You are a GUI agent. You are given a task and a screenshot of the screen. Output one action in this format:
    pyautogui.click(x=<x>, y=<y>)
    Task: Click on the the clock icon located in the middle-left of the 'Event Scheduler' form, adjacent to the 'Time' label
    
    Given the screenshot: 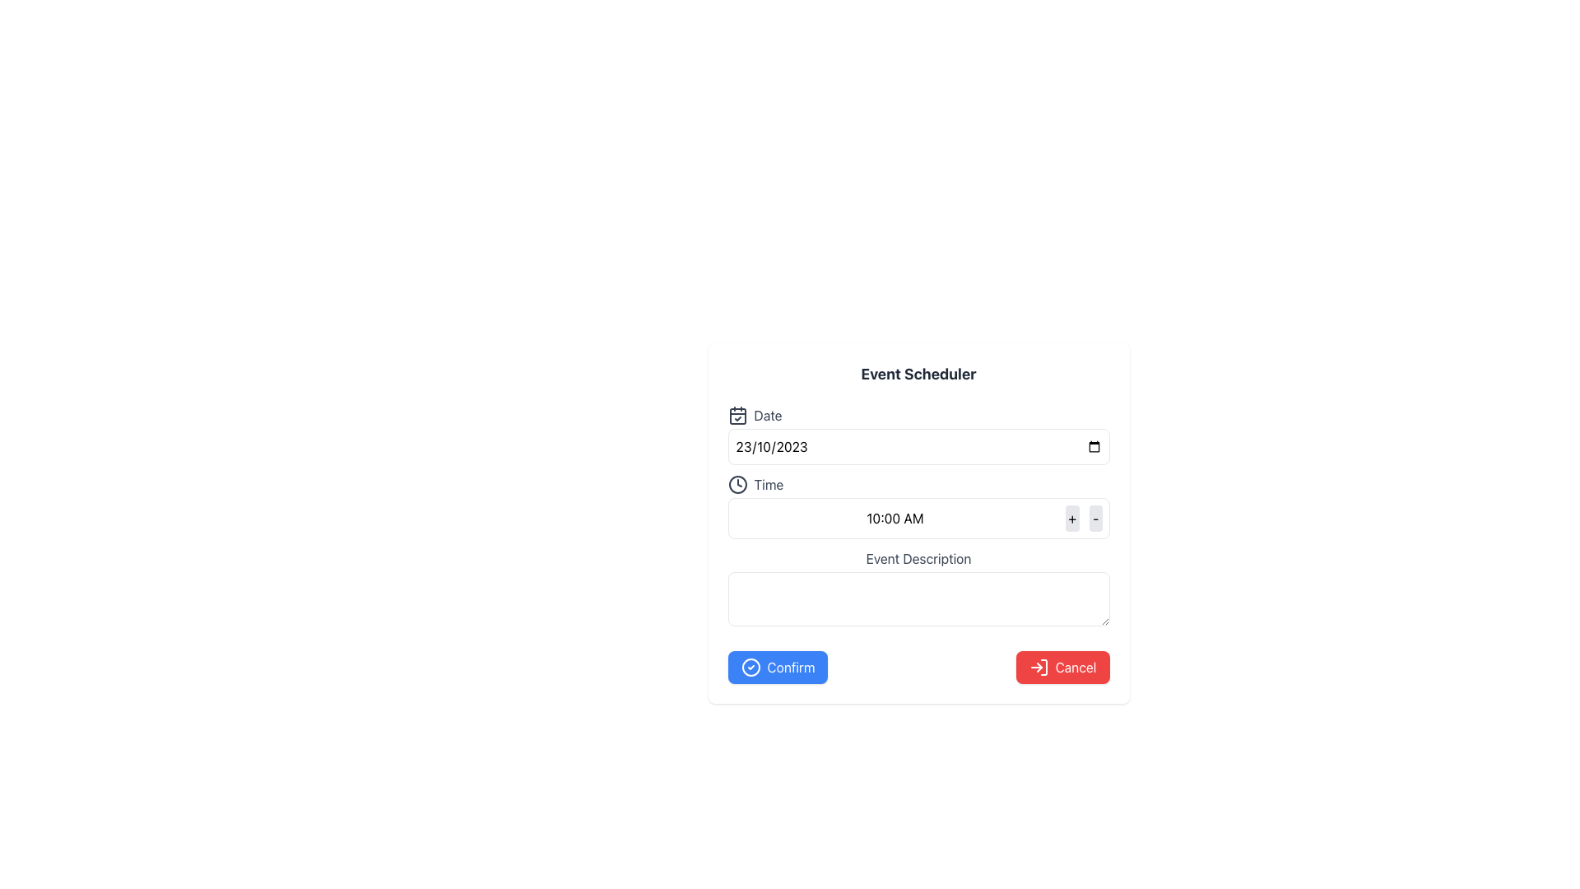 What is the action you would take?
    pyautogui.click(x=737, y=484)
    